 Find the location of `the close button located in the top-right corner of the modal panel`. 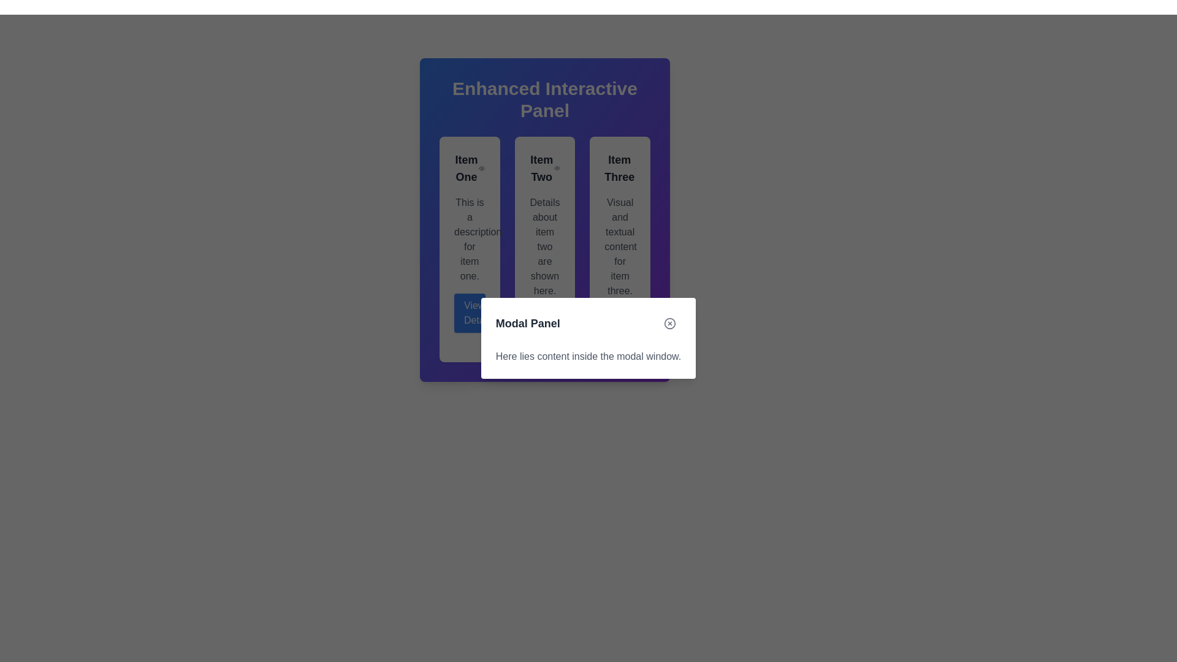

the close button located in the top-right corner of the modal panel is located at coordinates (669, 323).